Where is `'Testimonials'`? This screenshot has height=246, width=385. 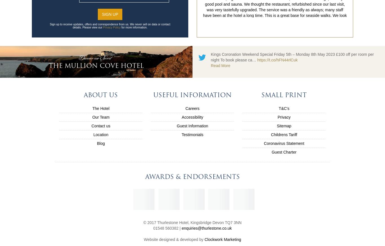 'Testimonials' is located at coordinates (192, 134).